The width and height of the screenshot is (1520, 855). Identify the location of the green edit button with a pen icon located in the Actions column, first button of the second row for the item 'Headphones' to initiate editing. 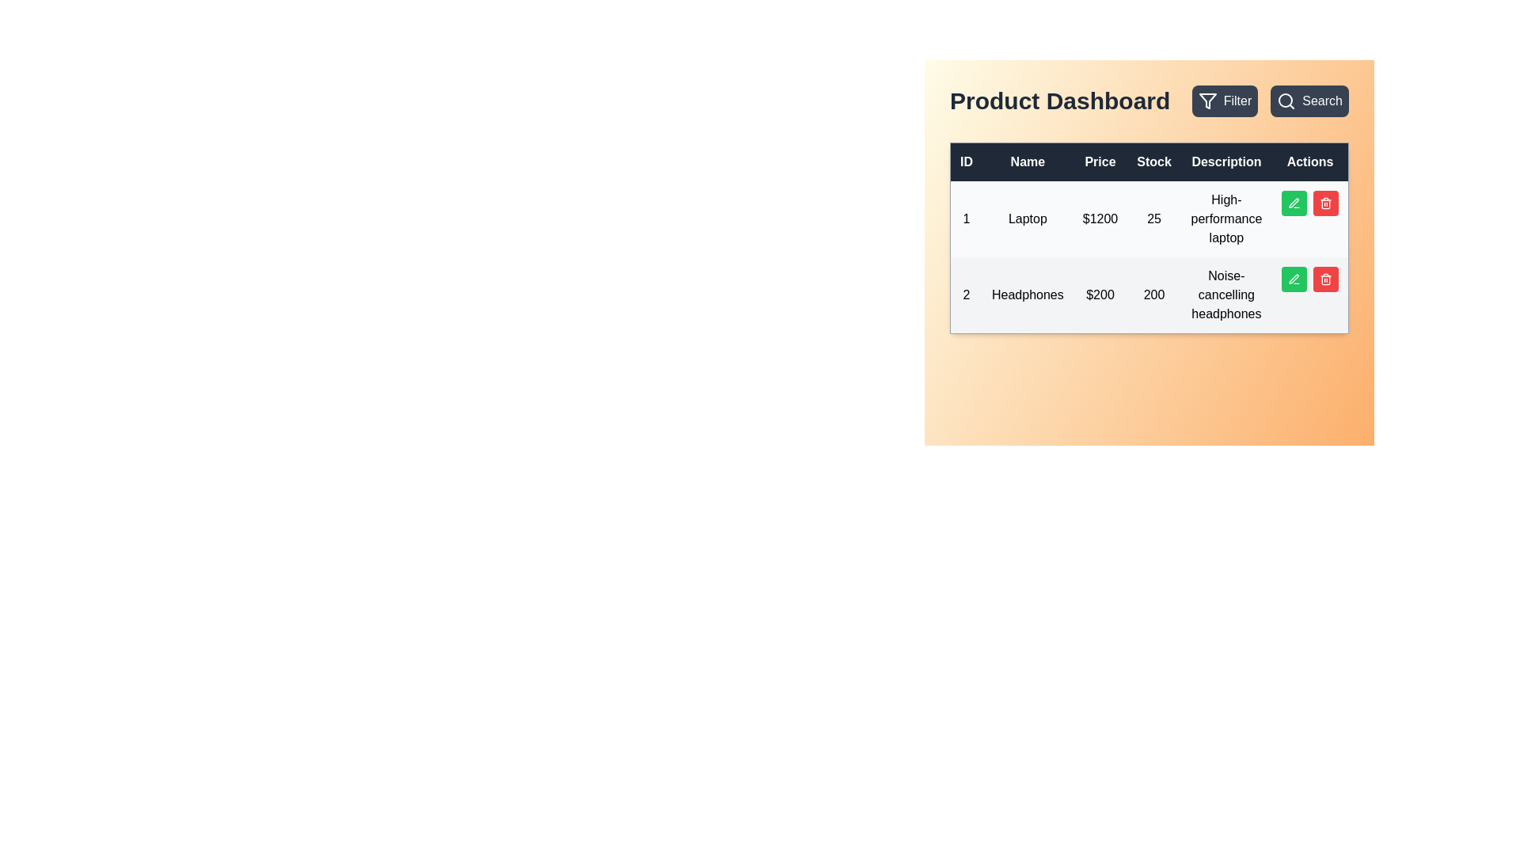
(1294, 279).